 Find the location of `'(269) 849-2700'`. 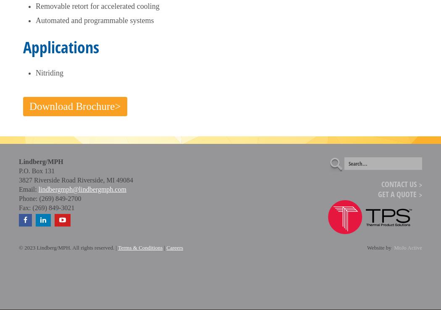

'(269) 849-2700' is located at coordinates (60, 198).